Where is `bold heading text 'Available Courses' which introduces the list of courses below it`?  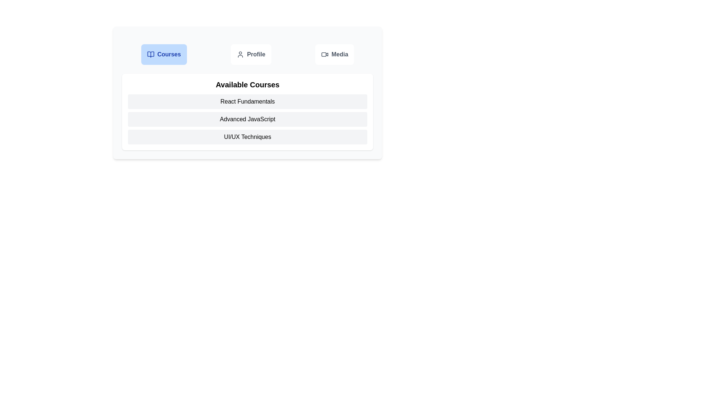 bold heading text 'Available Courses' which introduces the list of courses below it is located at coordinates (247, 84).